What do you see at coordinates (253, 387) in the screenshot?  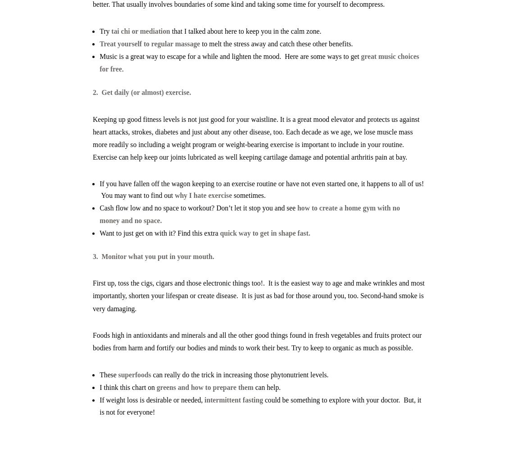 I see `'can help.'` at bounding box center [253, 387].